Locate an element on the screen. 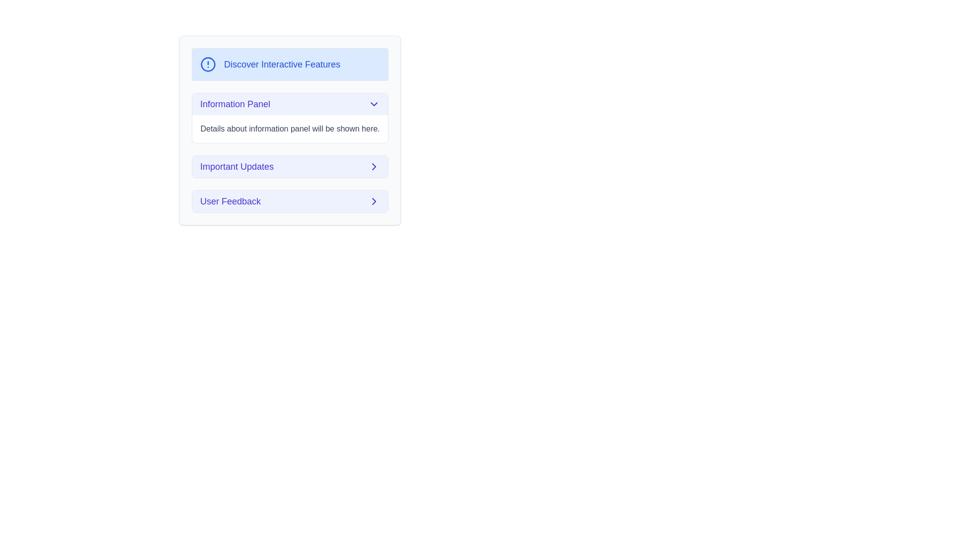  the title 'Information Panel' of the collapsible information panel with a rounded border and light background is located at coordinates (290, 118).